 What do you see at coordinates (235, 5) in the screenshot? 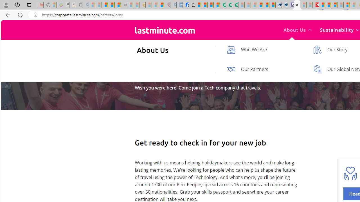
I see `'Microsoft Word - consumer-privacy address update 2.2021'` at bounding box center [235, 5].